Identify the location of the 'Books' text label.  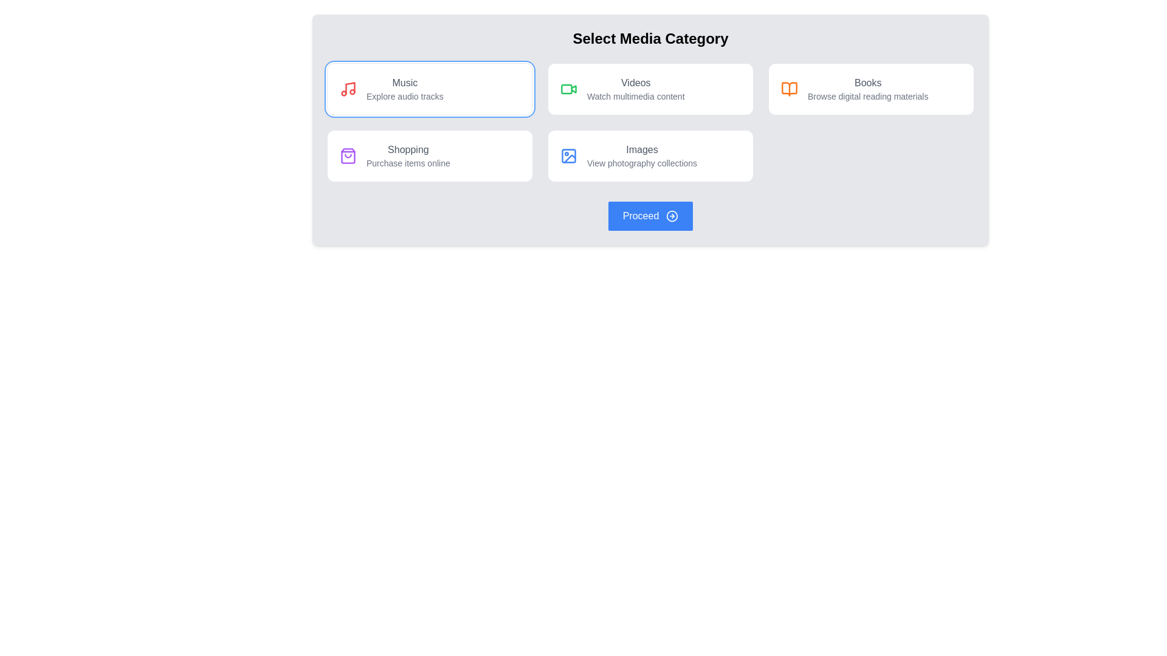
(867, 83).